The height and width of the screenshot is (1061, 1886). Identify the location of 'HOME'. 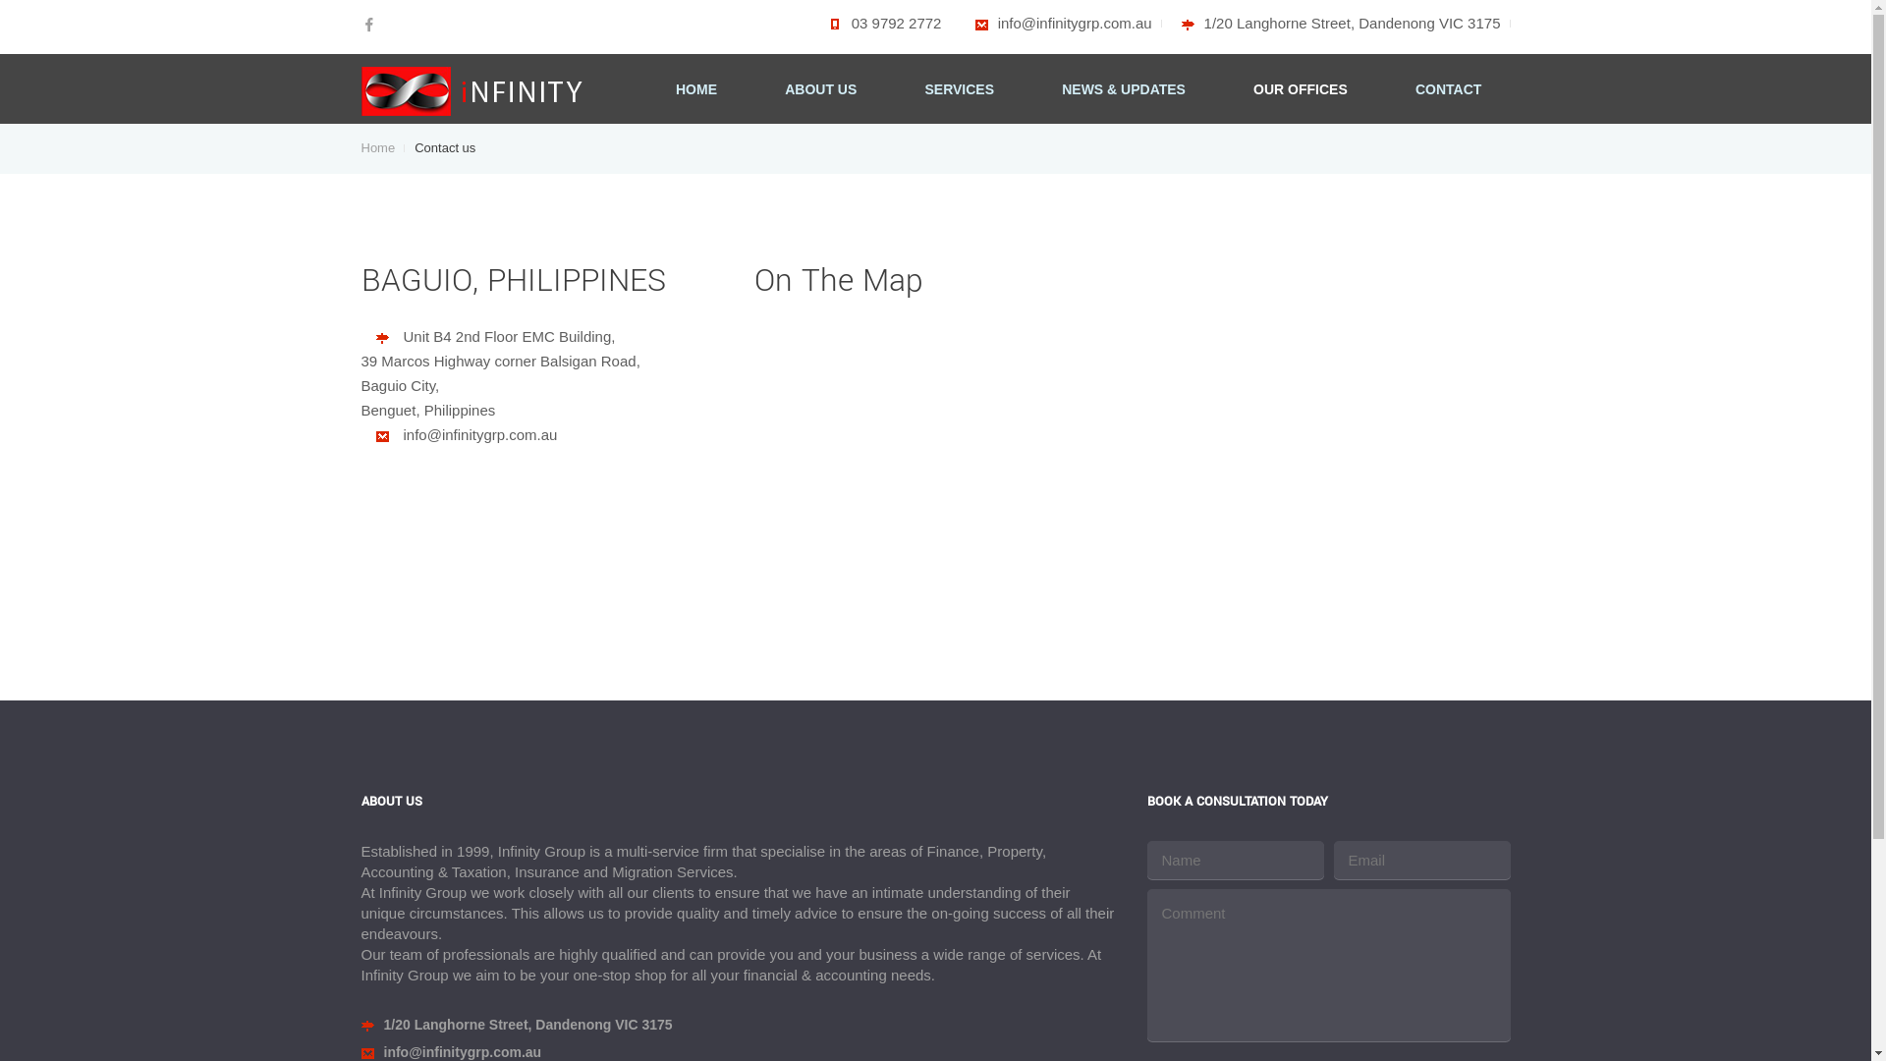
(696, 90).